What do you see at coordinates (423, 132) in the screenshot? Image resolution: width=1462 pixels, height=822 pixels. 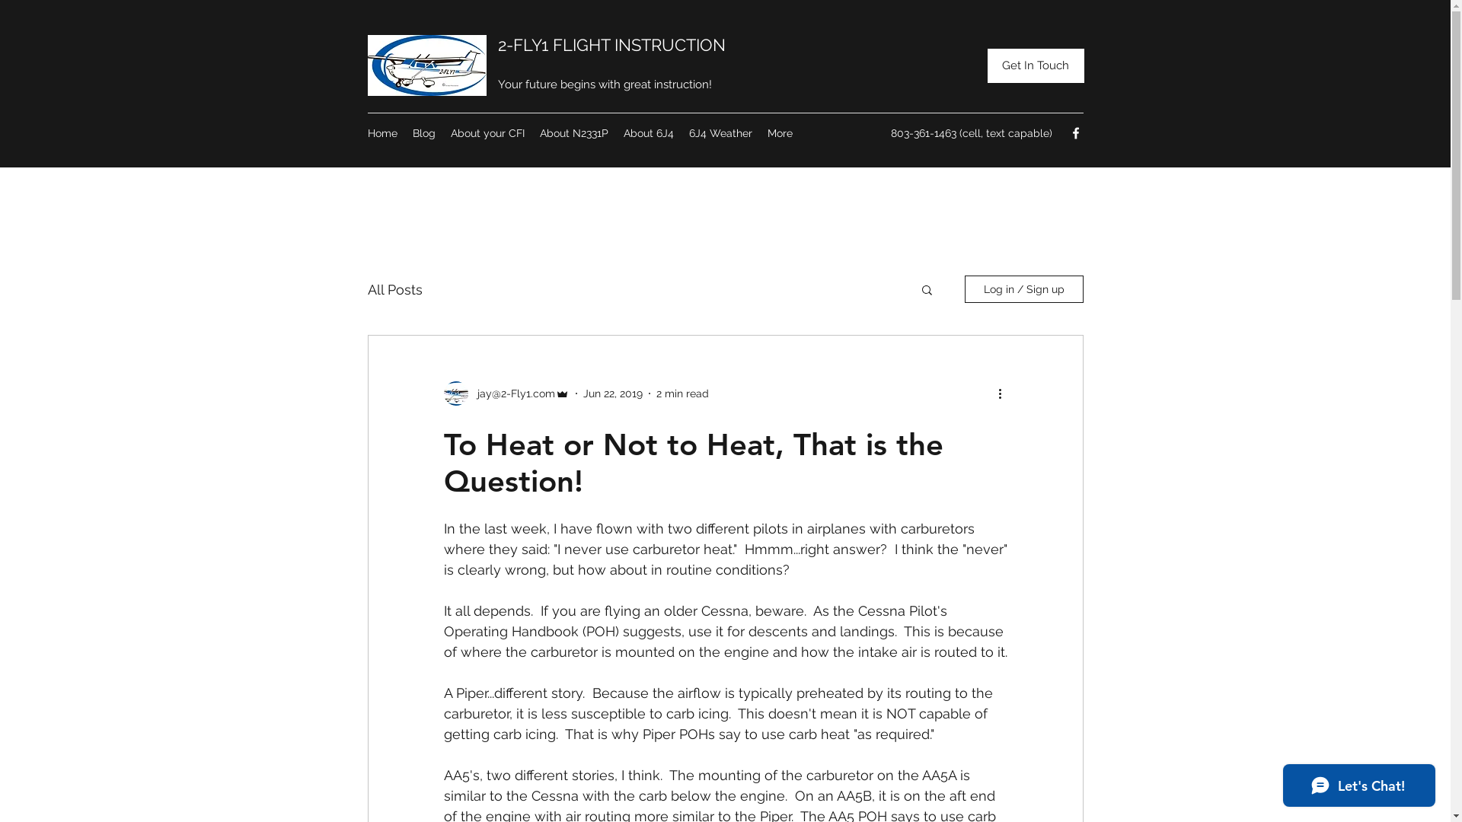 I see `'Blog'` at bounding box center [423, 132].